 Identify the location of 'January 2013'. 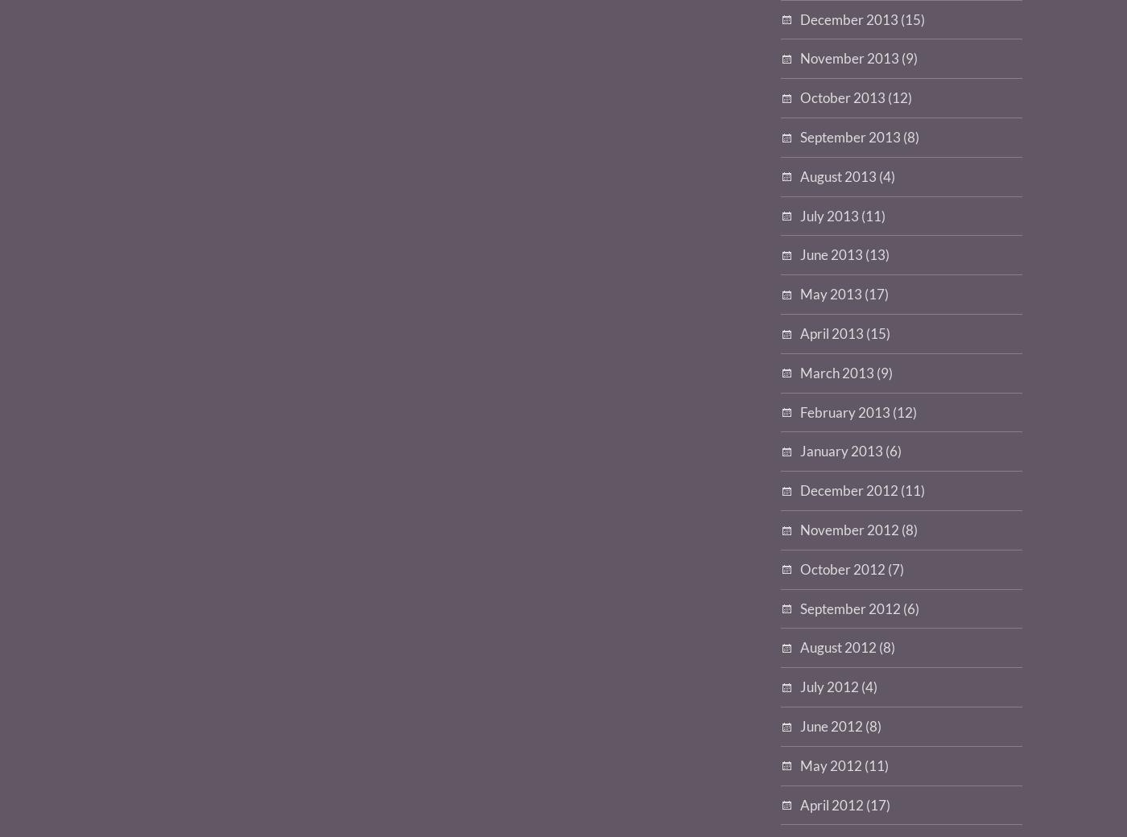
(800, 450).